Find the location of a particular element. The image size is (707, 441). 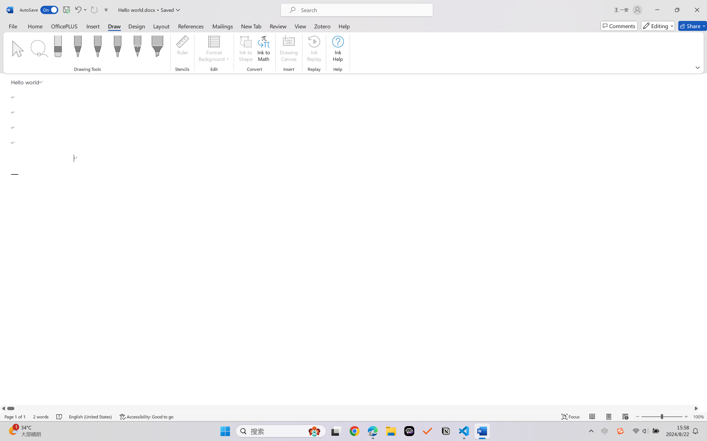

'Quick Access Toolbar' is located at coordinates (65, 10).